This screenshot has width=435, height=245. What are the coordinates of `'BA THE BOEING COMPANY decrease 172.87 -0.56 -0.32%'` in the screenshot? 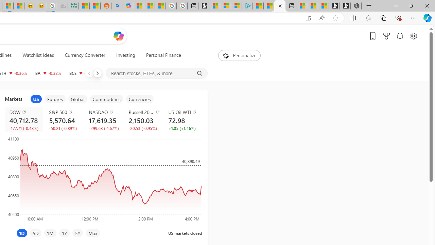 It's located at (48, 73).